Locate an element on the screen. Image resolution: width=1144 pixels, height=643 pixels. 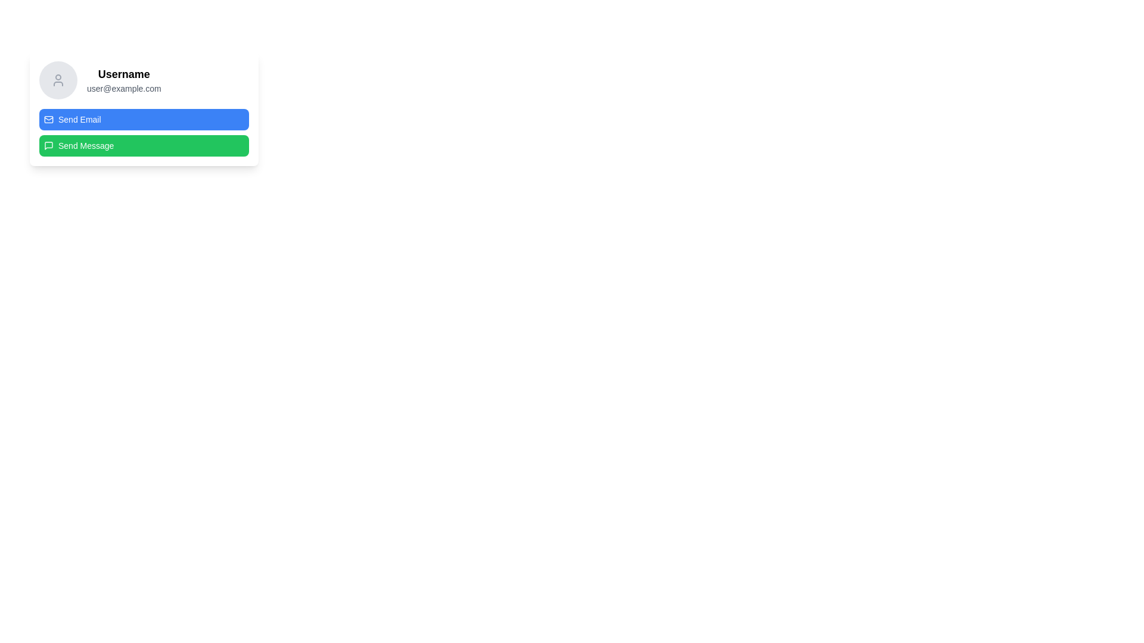
the blue rounded rectangular background of the icon within the 'Send Email' button, which is part of the envelope symbol is located at coordinates (48, 119).